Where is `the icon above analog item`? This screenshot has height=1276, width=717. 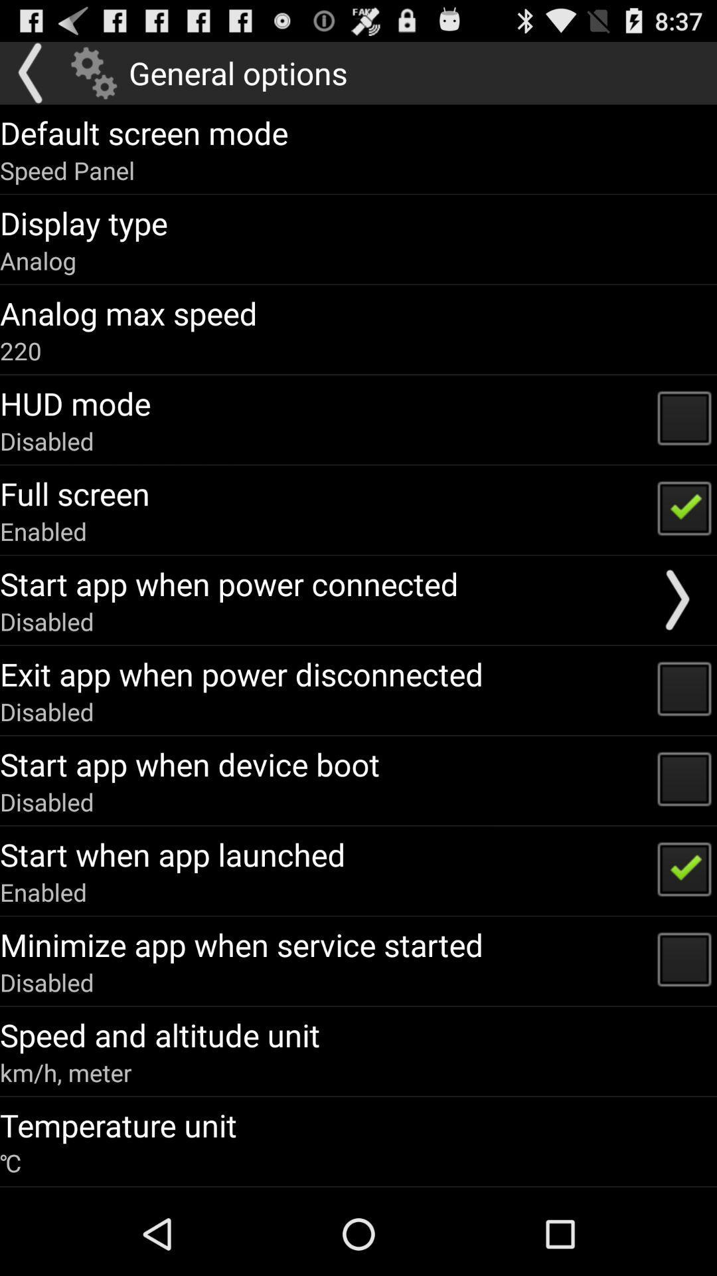 the icon above analog item is located at coordinates (84, 223).